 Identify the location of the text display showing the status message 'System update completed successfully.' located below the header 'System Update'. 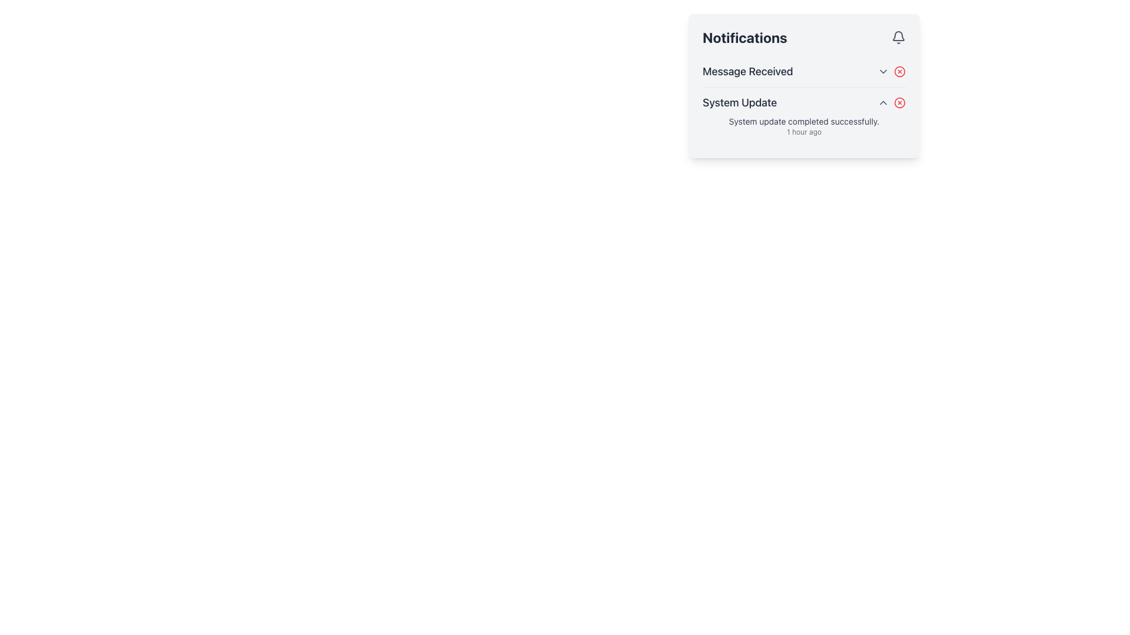
(803, 126).